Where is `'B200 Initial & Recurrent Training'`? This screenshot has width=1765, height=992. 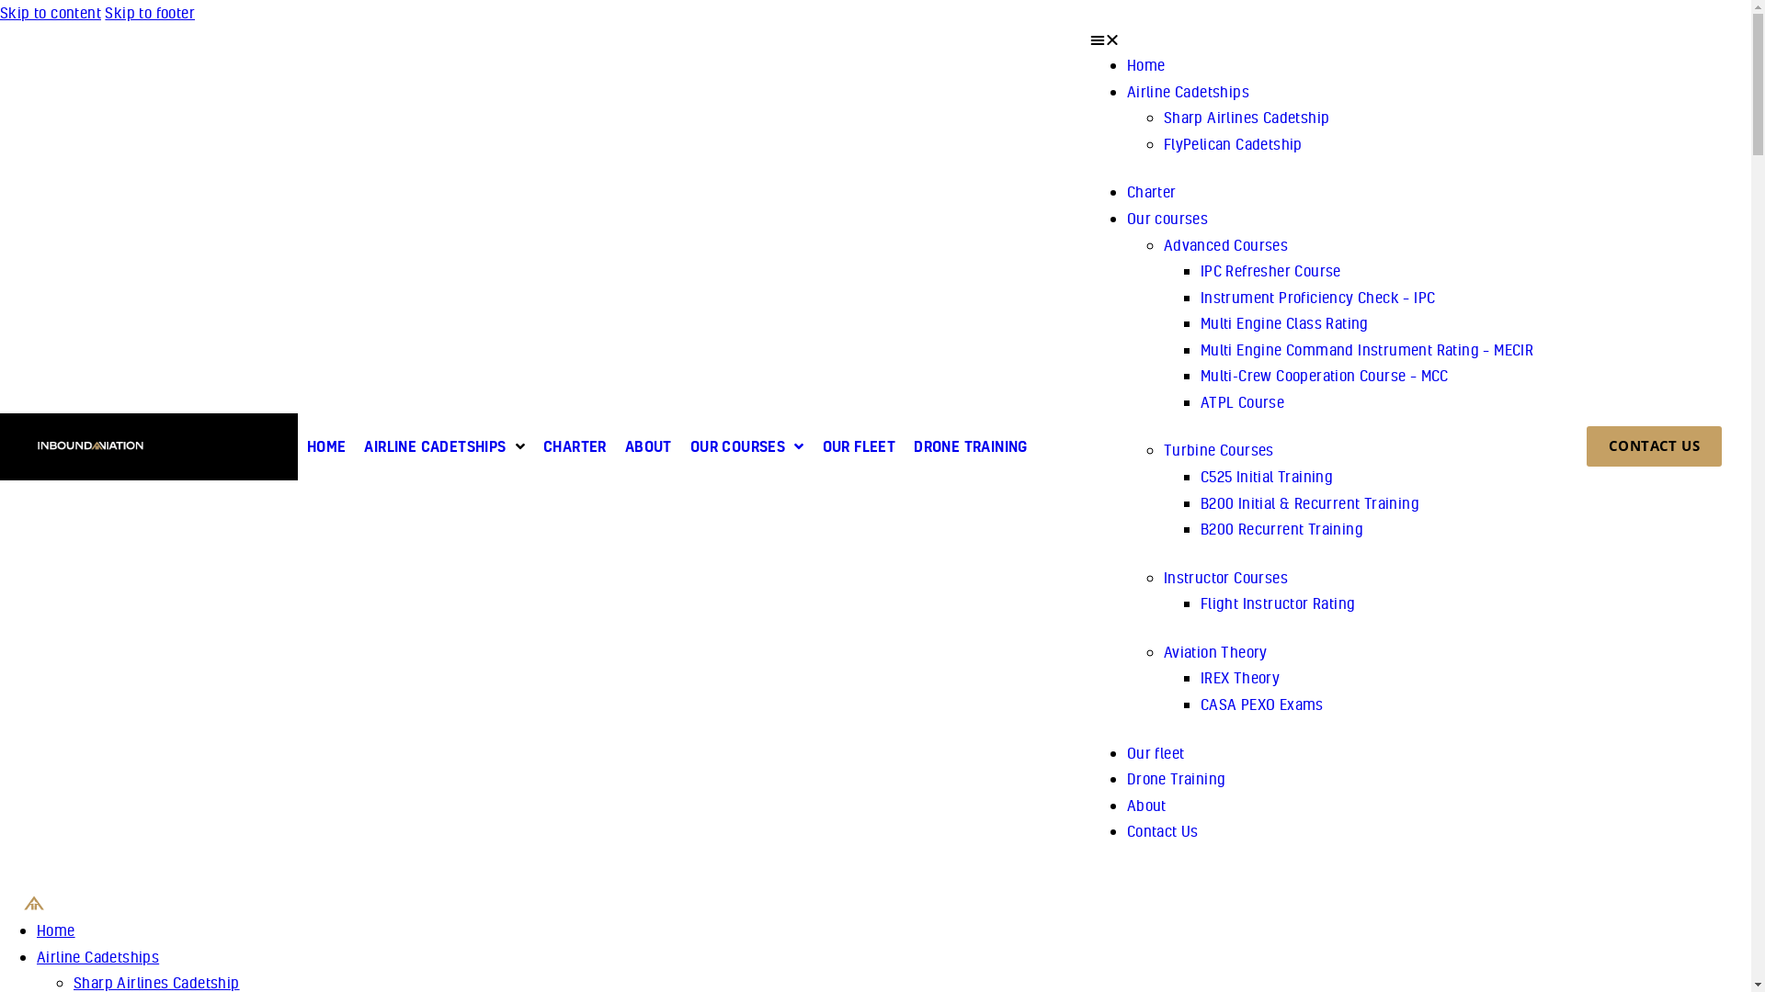 'B200 Initial & Recurrent Training' is located at coordinates (1309, 502).